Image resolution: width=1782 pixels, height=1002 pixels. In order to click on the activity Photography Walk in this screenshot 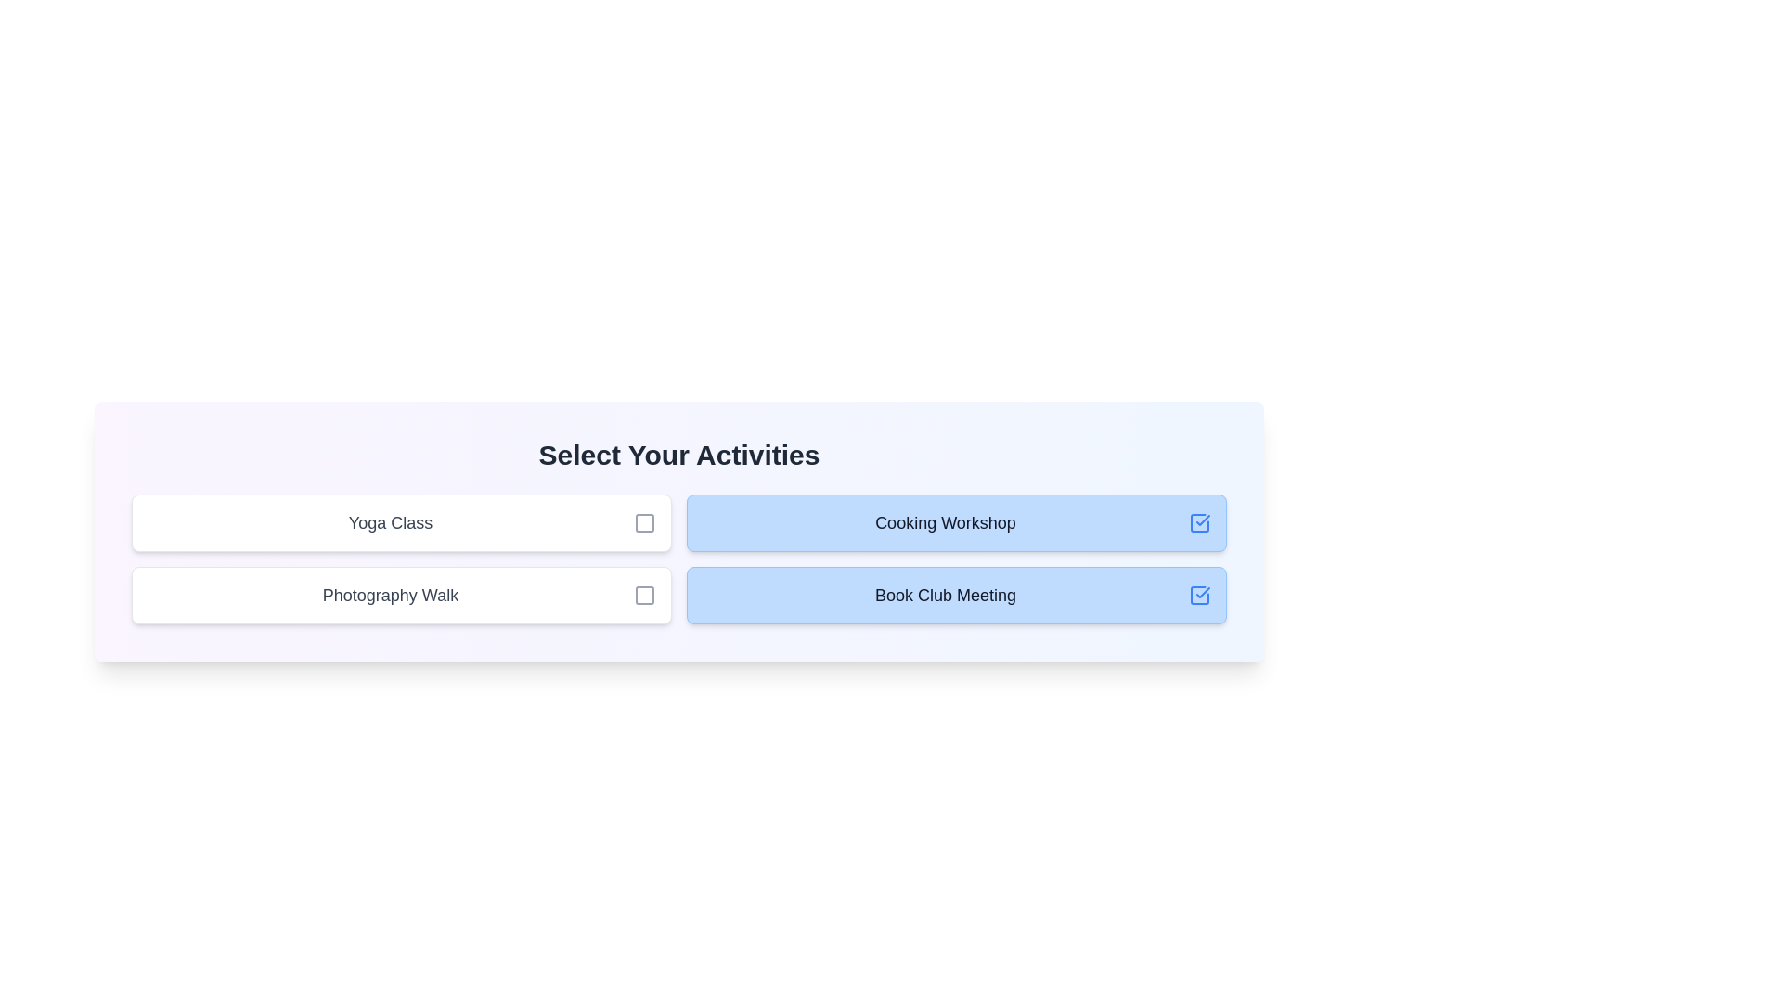, I will do `click(400, 595)`.